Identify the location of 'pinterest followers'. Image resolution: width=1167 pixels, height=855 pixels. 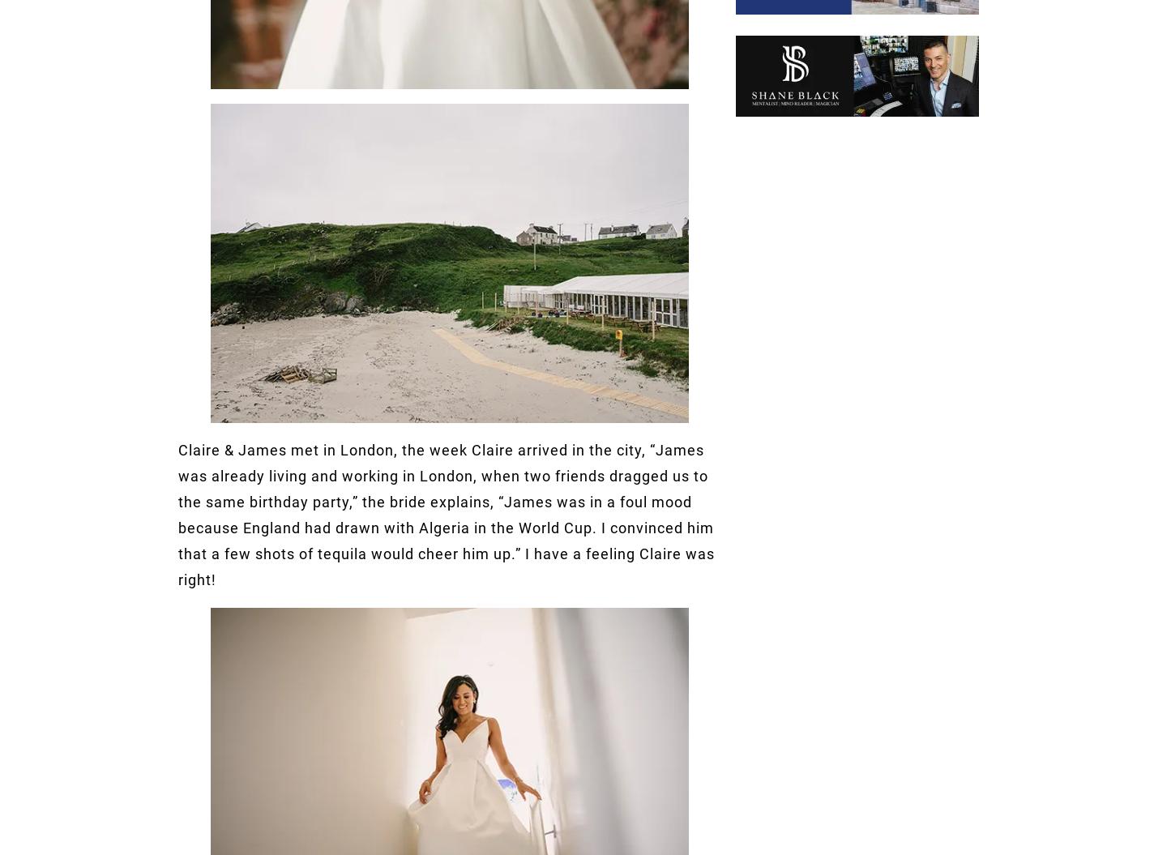
(485, 268).